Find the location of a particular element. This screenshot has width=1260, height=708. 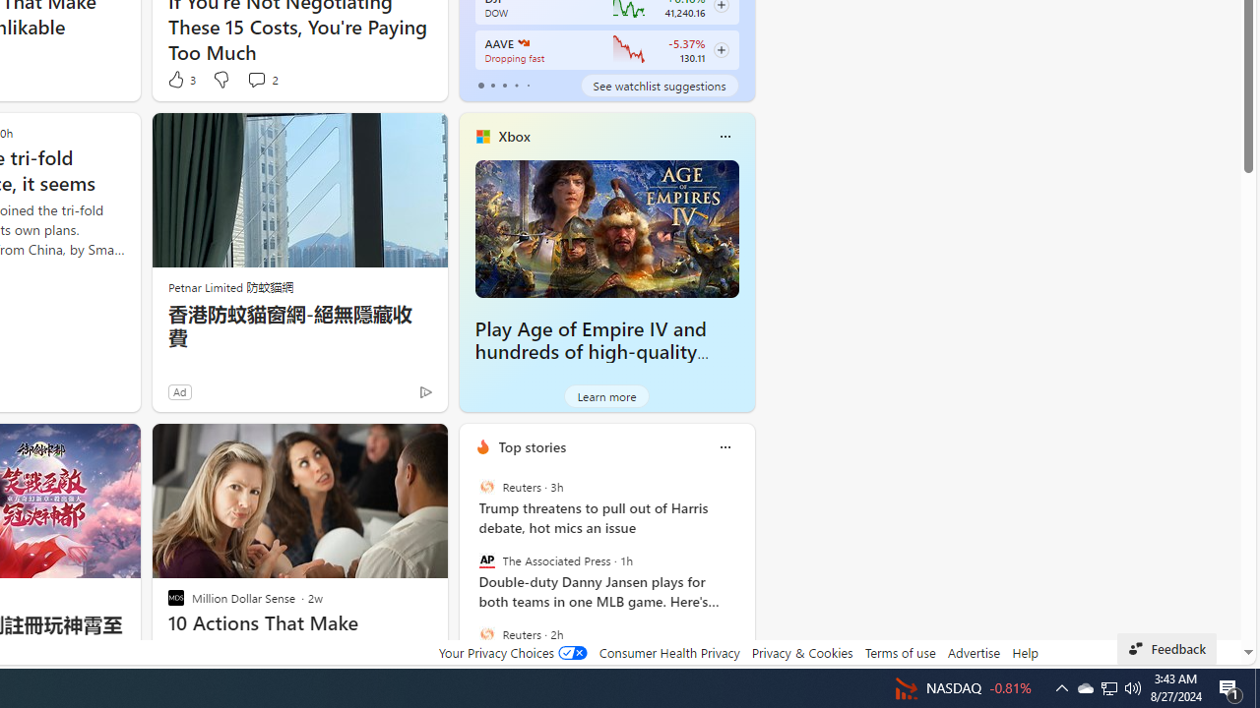

'View comments 2 Comment' is located at coordinates (255, 79).